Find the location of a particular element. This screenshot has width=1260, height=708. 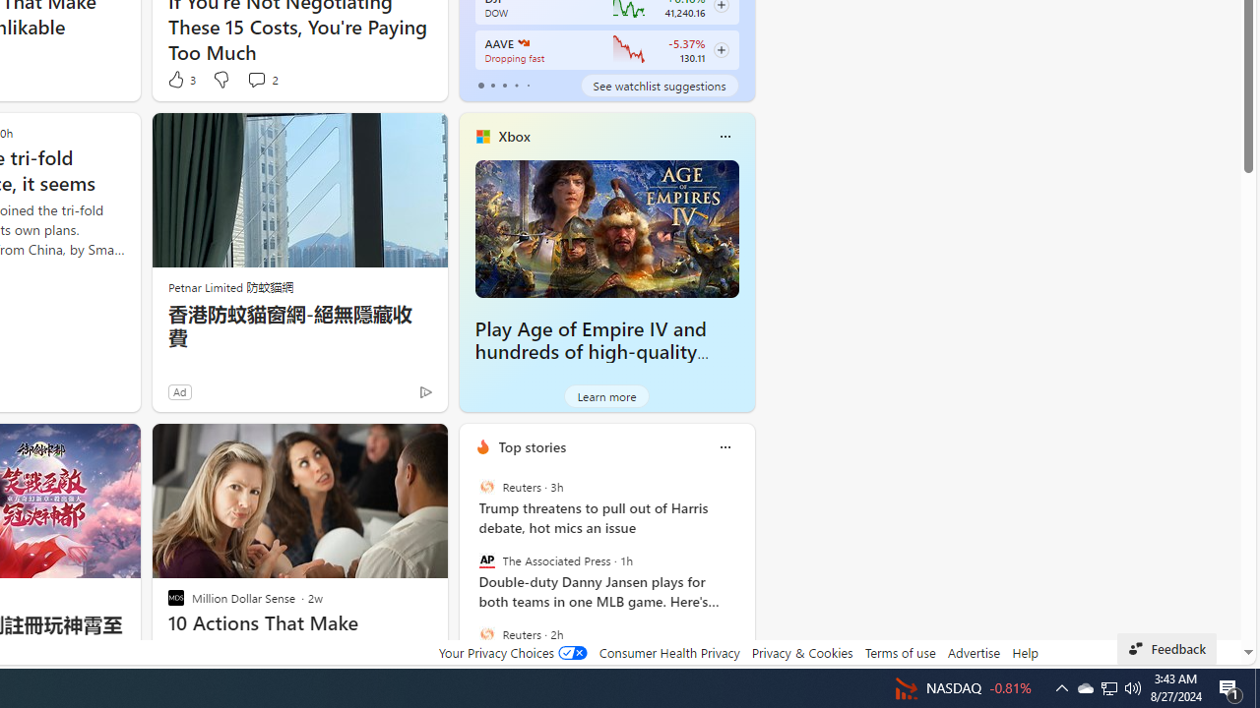

'View comments 2 Comment' is located at coordinates (255, 79).